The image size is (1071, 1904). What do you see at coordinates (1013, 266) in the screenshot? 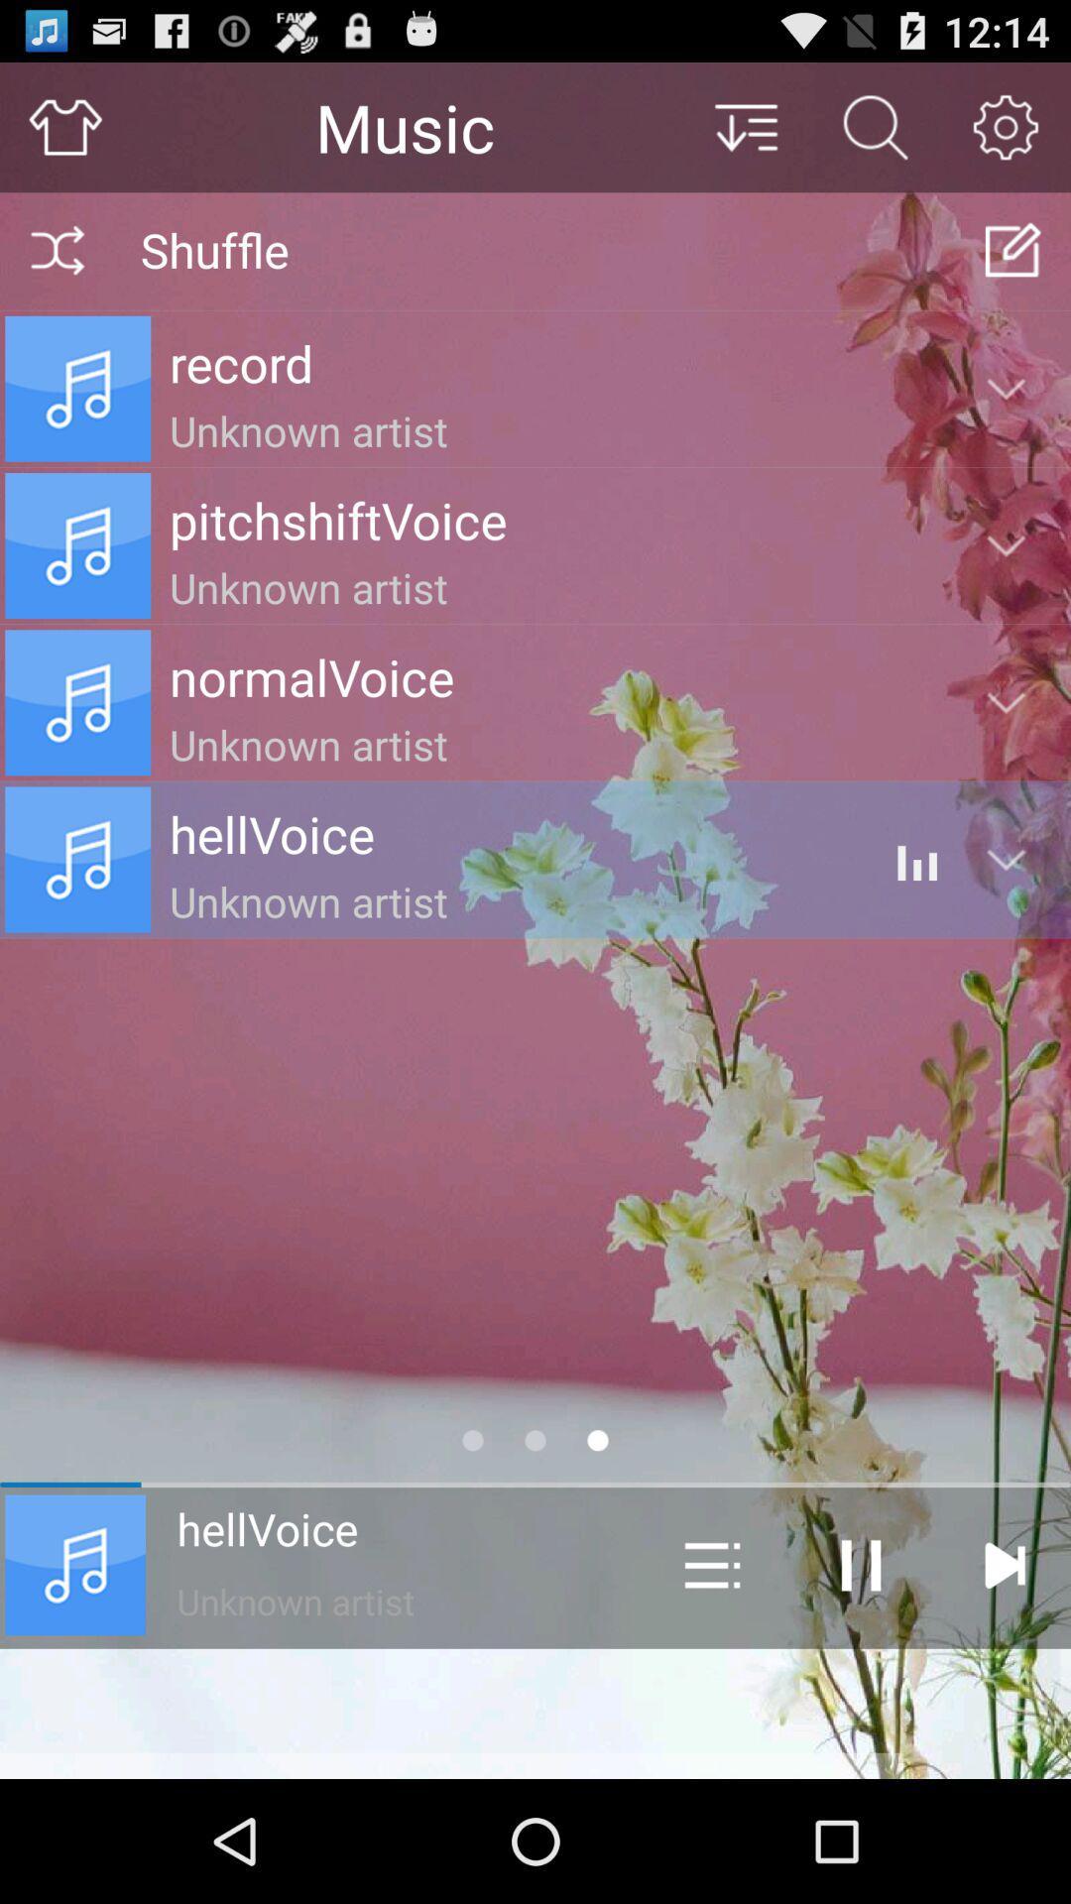
I see `the edit icon` at bounding box center [1013, 266].